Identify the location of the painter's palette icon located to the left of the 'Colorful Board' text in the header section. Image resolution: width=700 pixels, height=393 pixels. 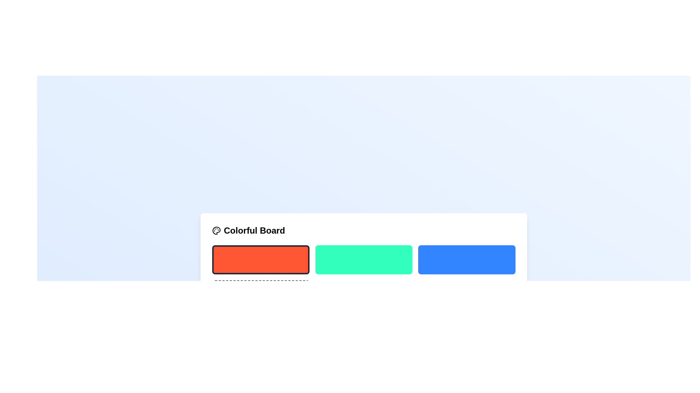
(216, 230).